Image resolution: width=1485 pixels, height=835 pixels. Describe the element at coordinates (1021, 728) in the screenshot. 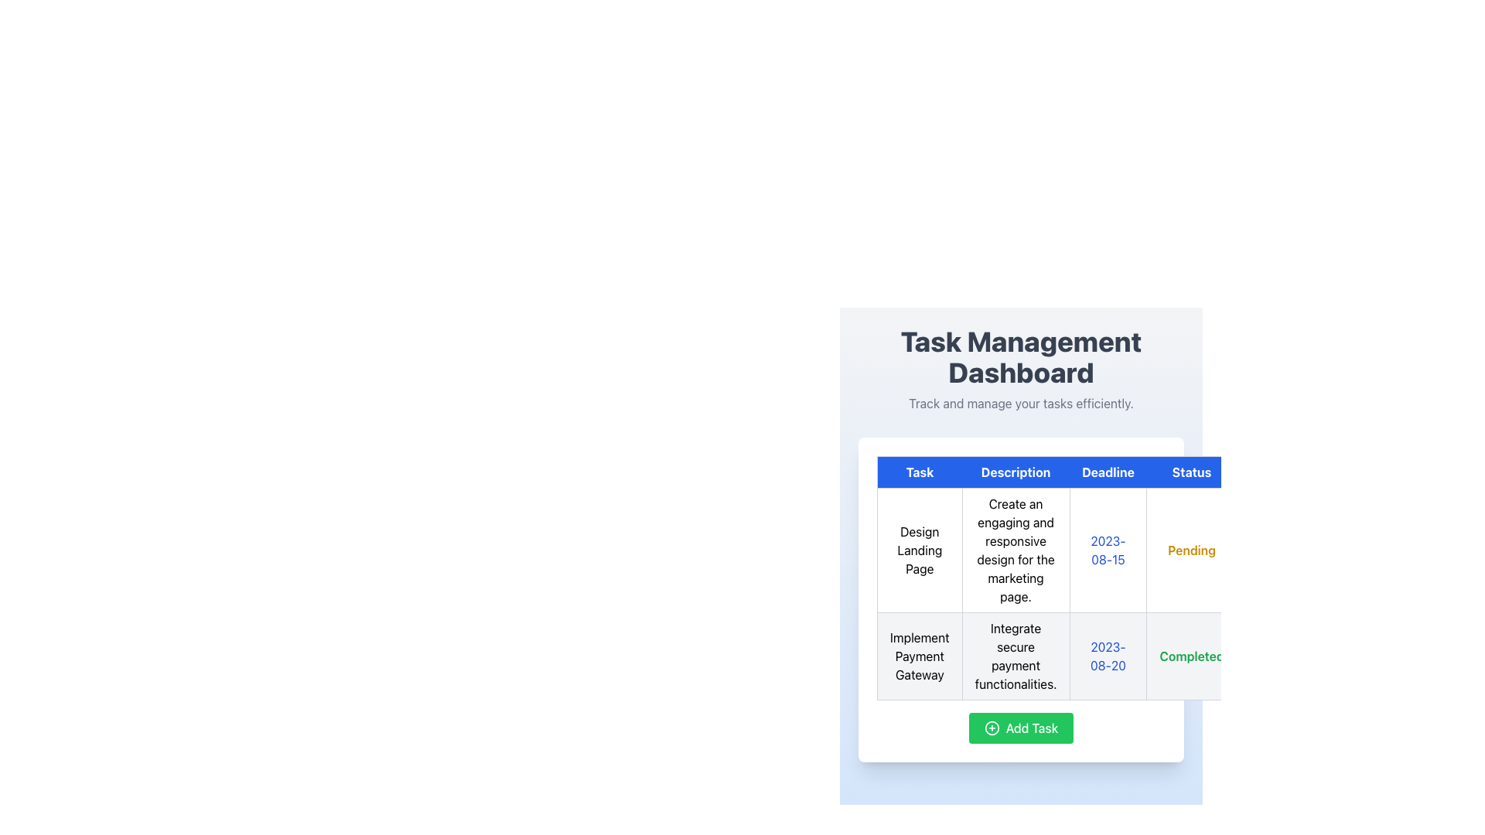

I see `the 'Add Task' button, which is a vivid green button with white text and a plus icon` at that location.